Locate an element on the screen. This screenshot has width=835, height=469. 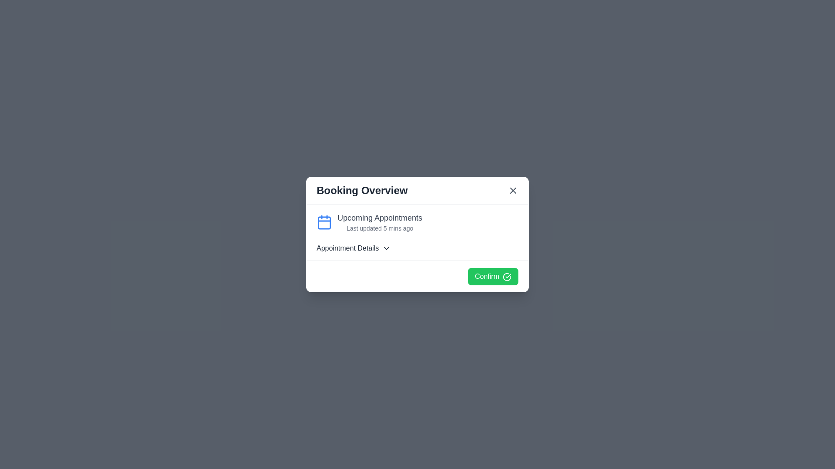
the title text element reading 'Booking Overview', which is styled in a bold font and positioned at the top of a card interface is located at coordinates (362, 190).